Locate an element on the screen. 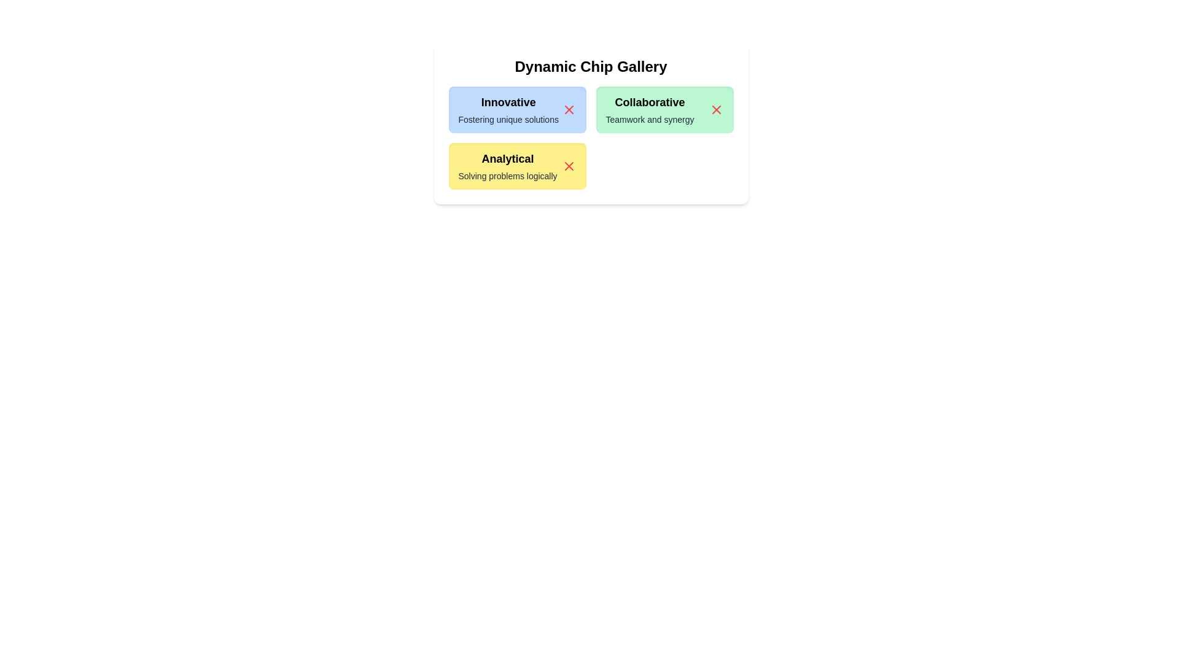  the title text of the chip labeled Analytical is located at coordinates (507, 158).